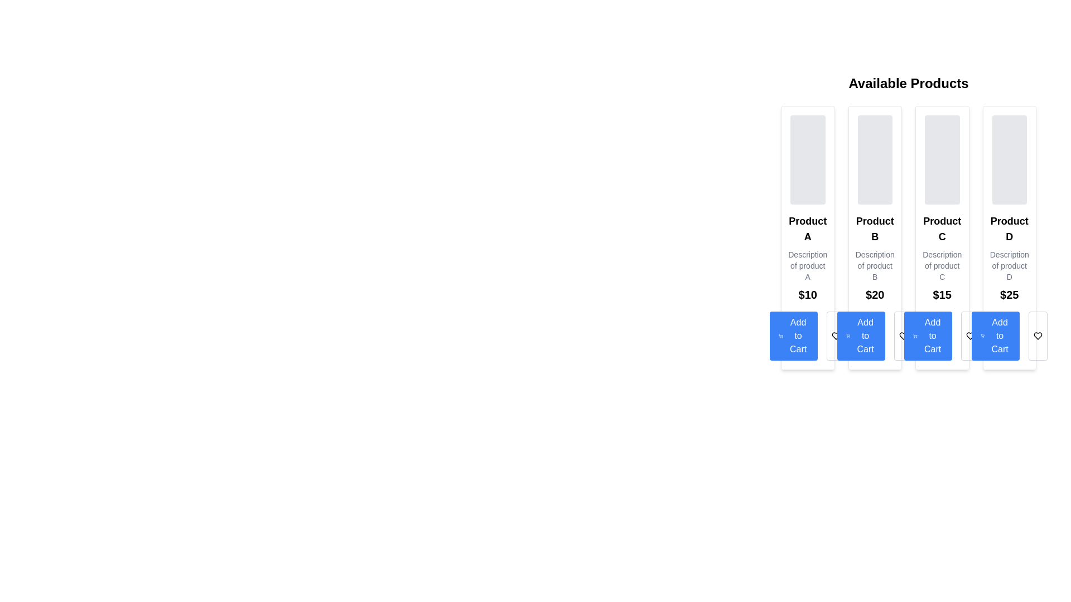  What do you see at coordinates (1009, 237) in the screenshot?
I see `the fourth product information card for Product D in the 'Available Products' section` at bounding box center [1009, 237].